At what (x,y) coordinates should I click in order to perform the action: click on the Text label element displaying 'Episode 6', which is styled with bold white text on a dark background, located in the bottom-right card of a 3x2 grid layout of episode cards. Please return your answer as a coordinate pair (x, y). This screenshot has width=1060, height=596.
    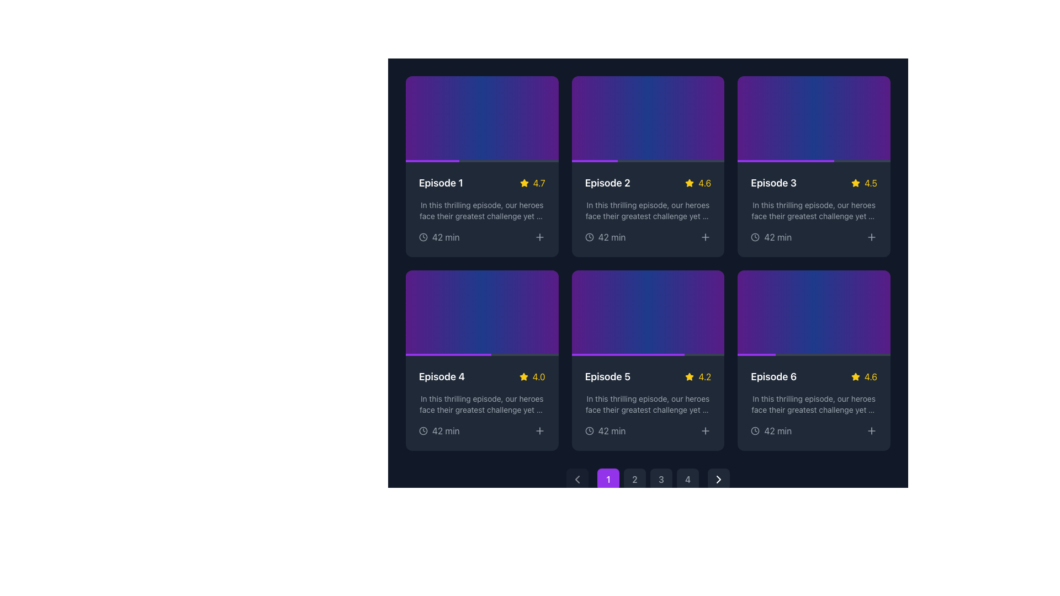
    Looking at the image, I should click on (773, 376).